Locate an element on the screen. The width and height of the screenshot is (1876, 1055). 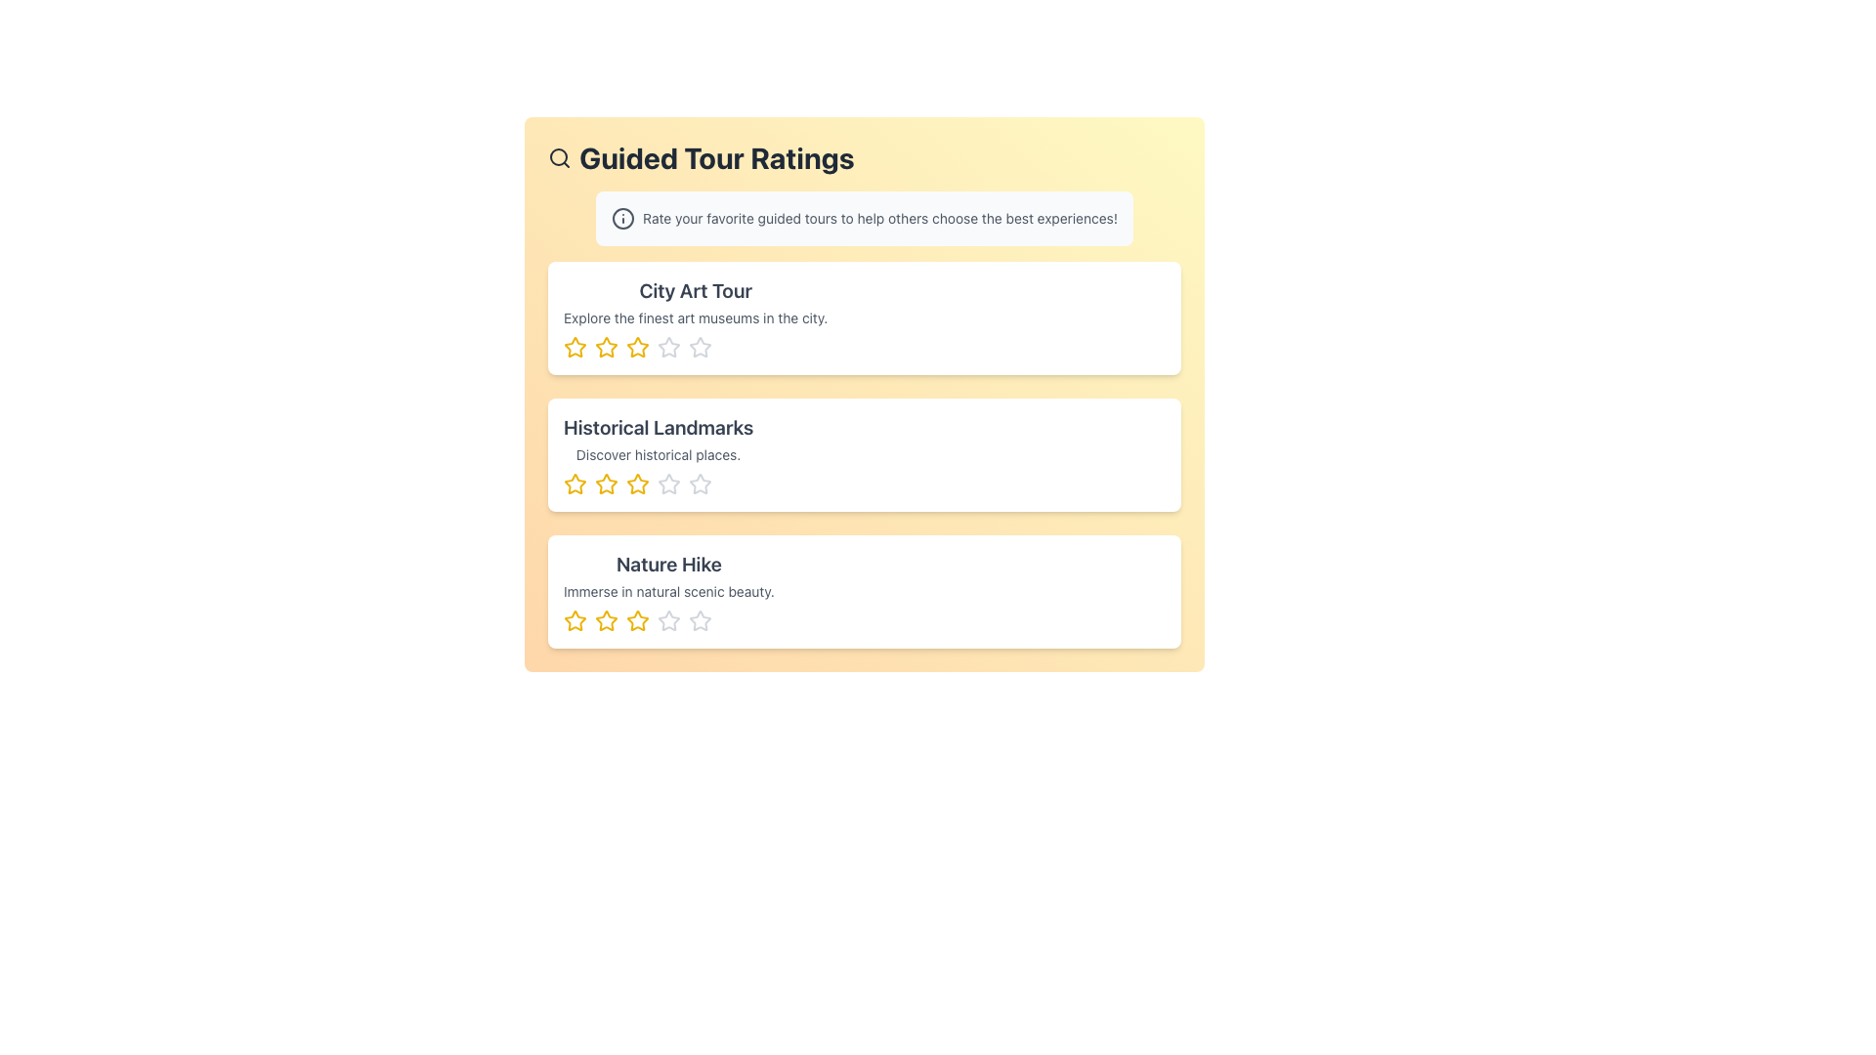
the first yellow star icon in the rating control for the 'City Art Tour' card to rate it is located at coordinates (605, 346).